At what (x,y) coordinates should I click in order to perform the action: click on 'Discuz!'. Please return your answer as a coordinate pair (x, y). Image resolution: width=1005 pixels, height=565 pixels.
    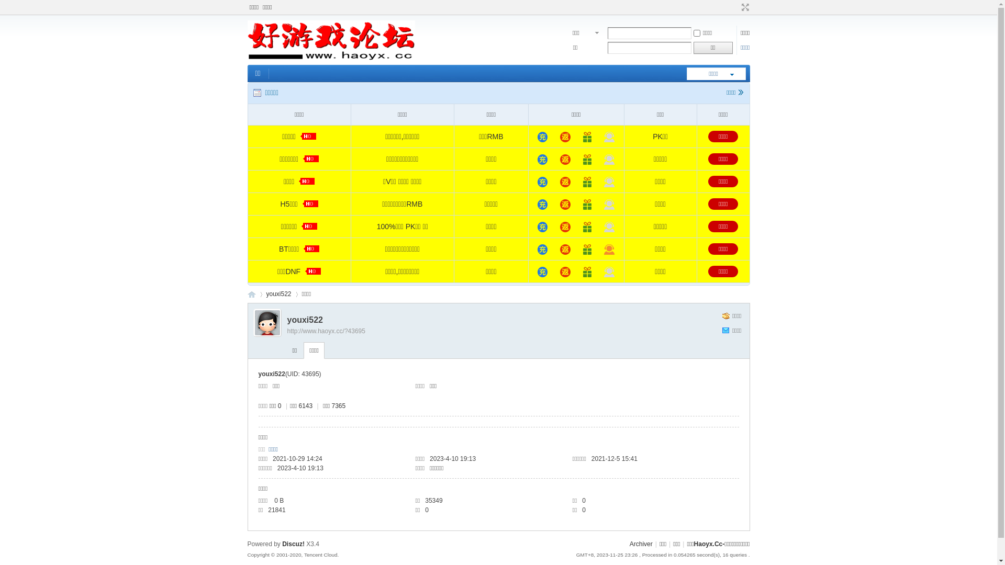
    Looking at the image, I should click on (293, 544).